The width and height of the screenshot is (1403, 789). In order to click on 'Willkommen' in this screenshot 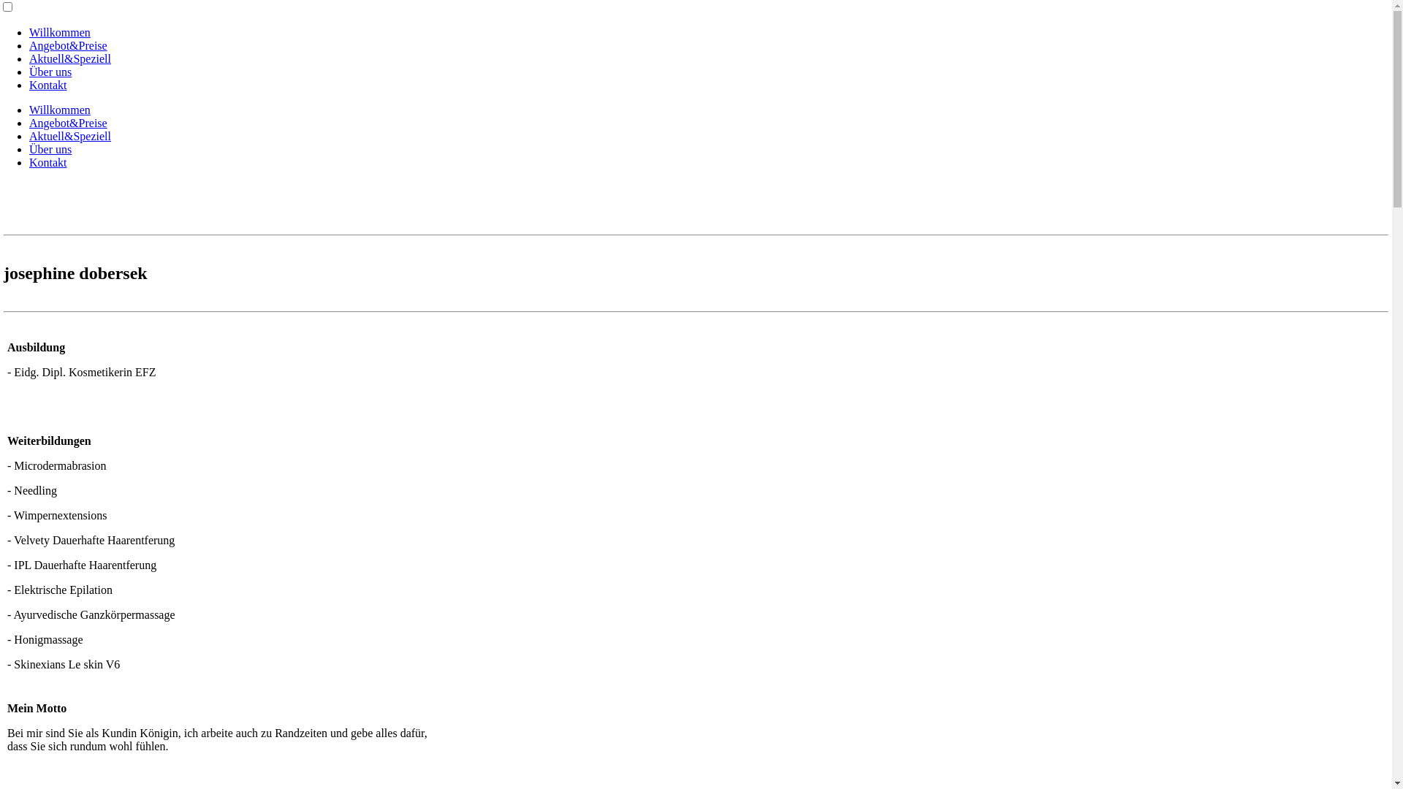, I will do `click(58, 109)`.